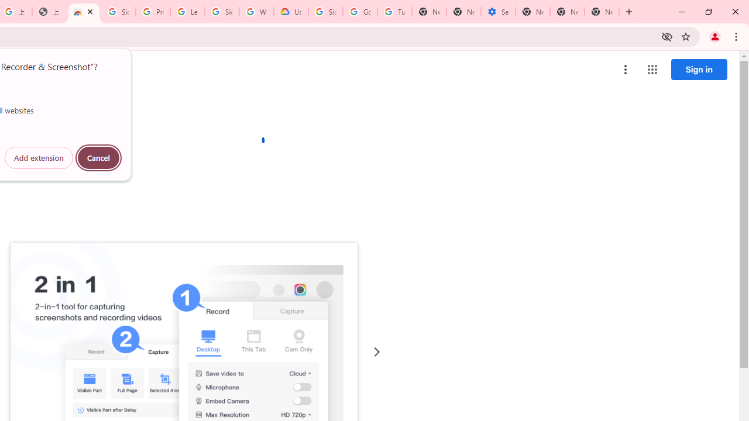 The width and height of the screenshot is (749, 421). I want to click on 'Next slide', so click(376, 351).